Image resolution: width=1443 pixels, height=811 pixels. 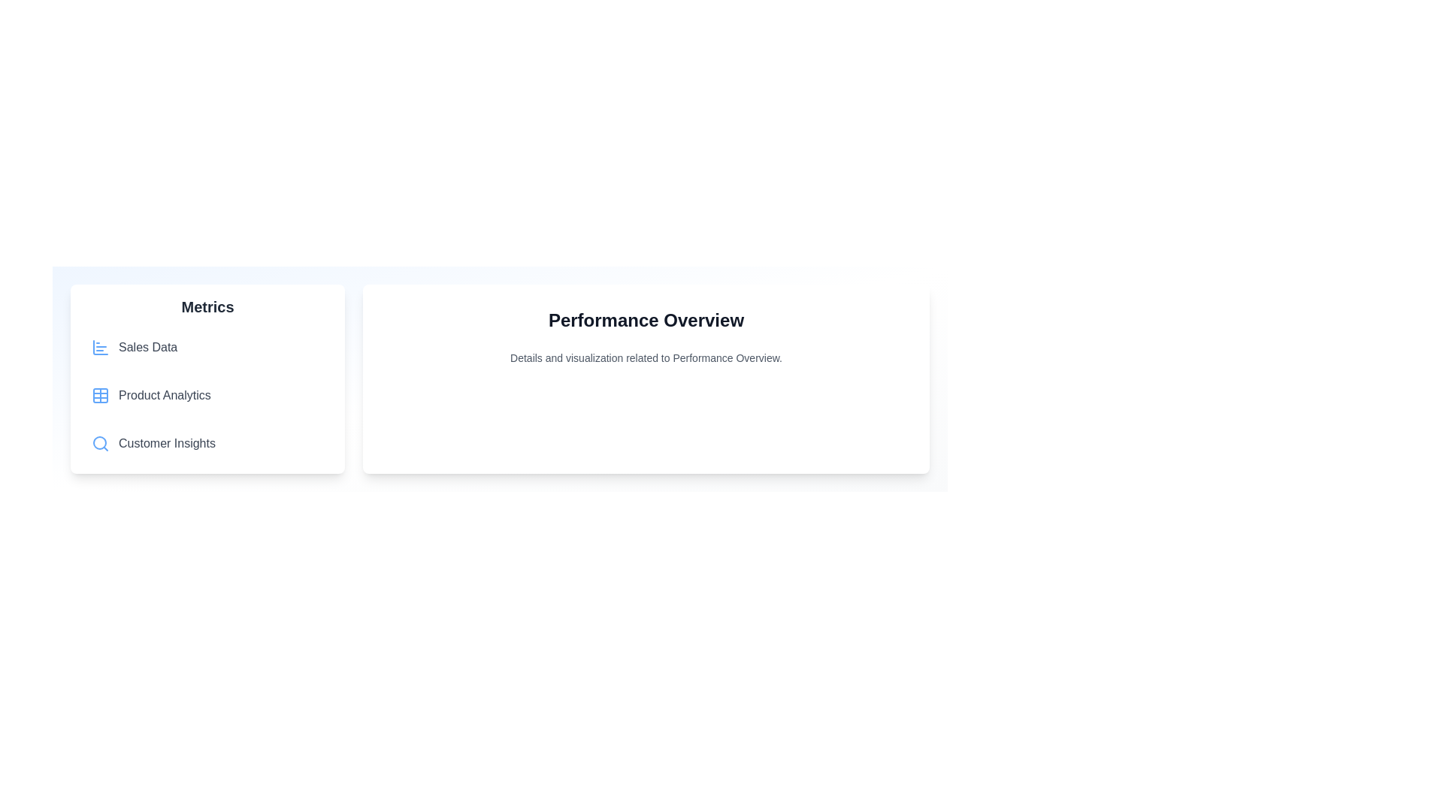 What do you see at coordinates (100, 395) in the screenshot?
I see `the blue filled square with rounded corners that is part of the 'Product Analytics' icon located in the left card labeled 'Metrics'` at bounding box center [100, 395].